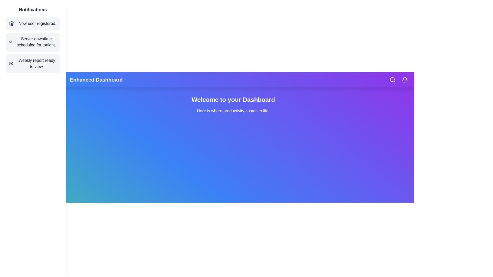 Image resolution: width=493 pixels, height=277 pixels. What do you see at coordinates (33, 63) in the screenshot?
I see `the notification labeled 'Weekly report ready to view.' in the sidebar` at bounding box center [33, 63].